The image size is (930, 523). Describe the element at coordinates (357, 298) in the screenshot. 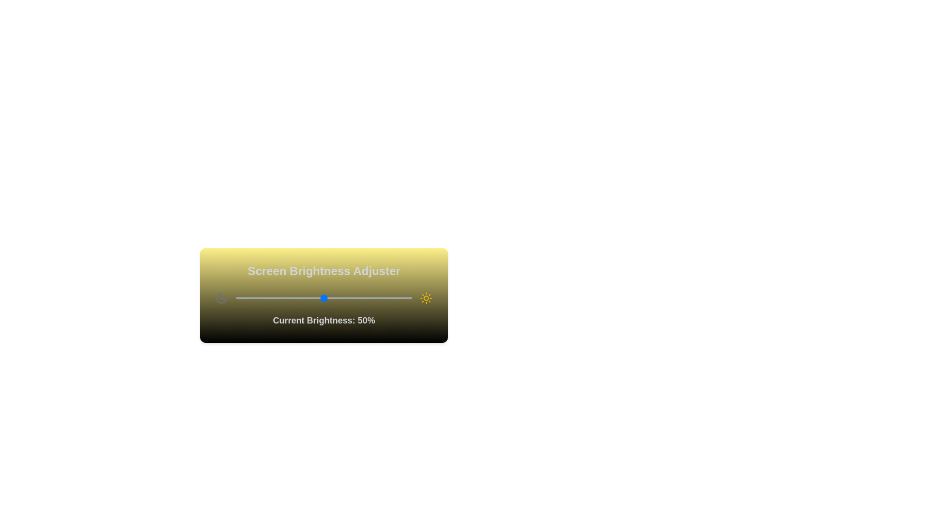

I see `the brightness slider to 69%` at that location.